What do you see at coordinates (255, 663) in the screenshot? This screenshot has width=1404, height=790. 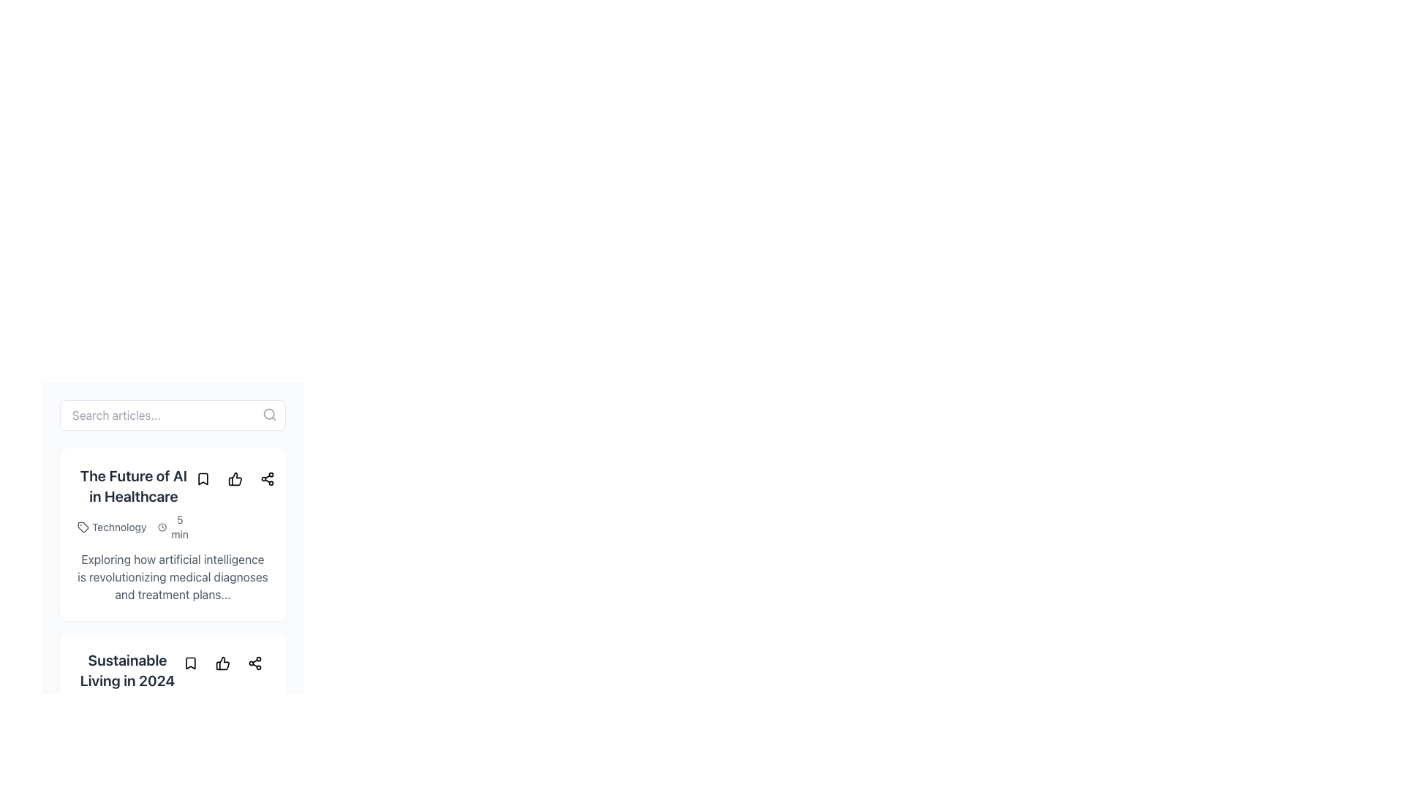 I see `the network icon, which is the third item from the left in the horizontal group of icons next to the article title 'Sustainable Living in 2024', to initiate a sharing action` at bounding box center [255, 663].